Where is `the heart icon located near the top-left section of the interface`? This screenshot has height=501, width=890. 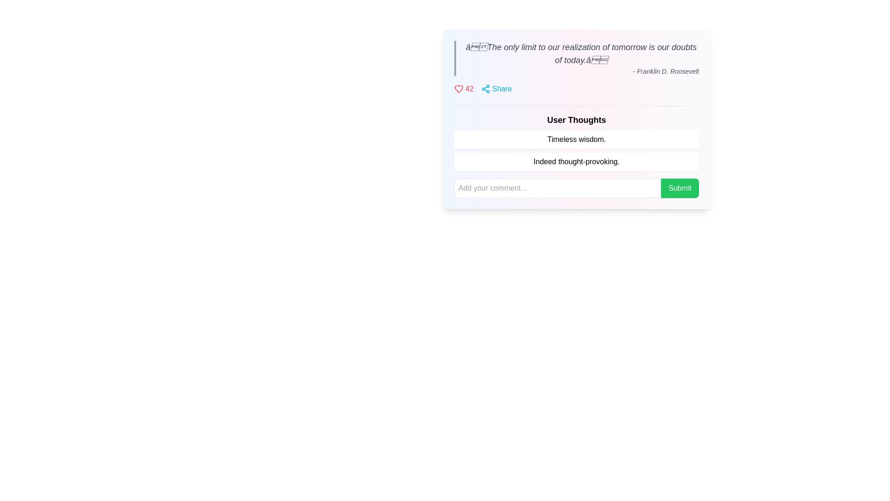 the heart icon located near the top-left section of the interface is located at coordinates (458, 89).